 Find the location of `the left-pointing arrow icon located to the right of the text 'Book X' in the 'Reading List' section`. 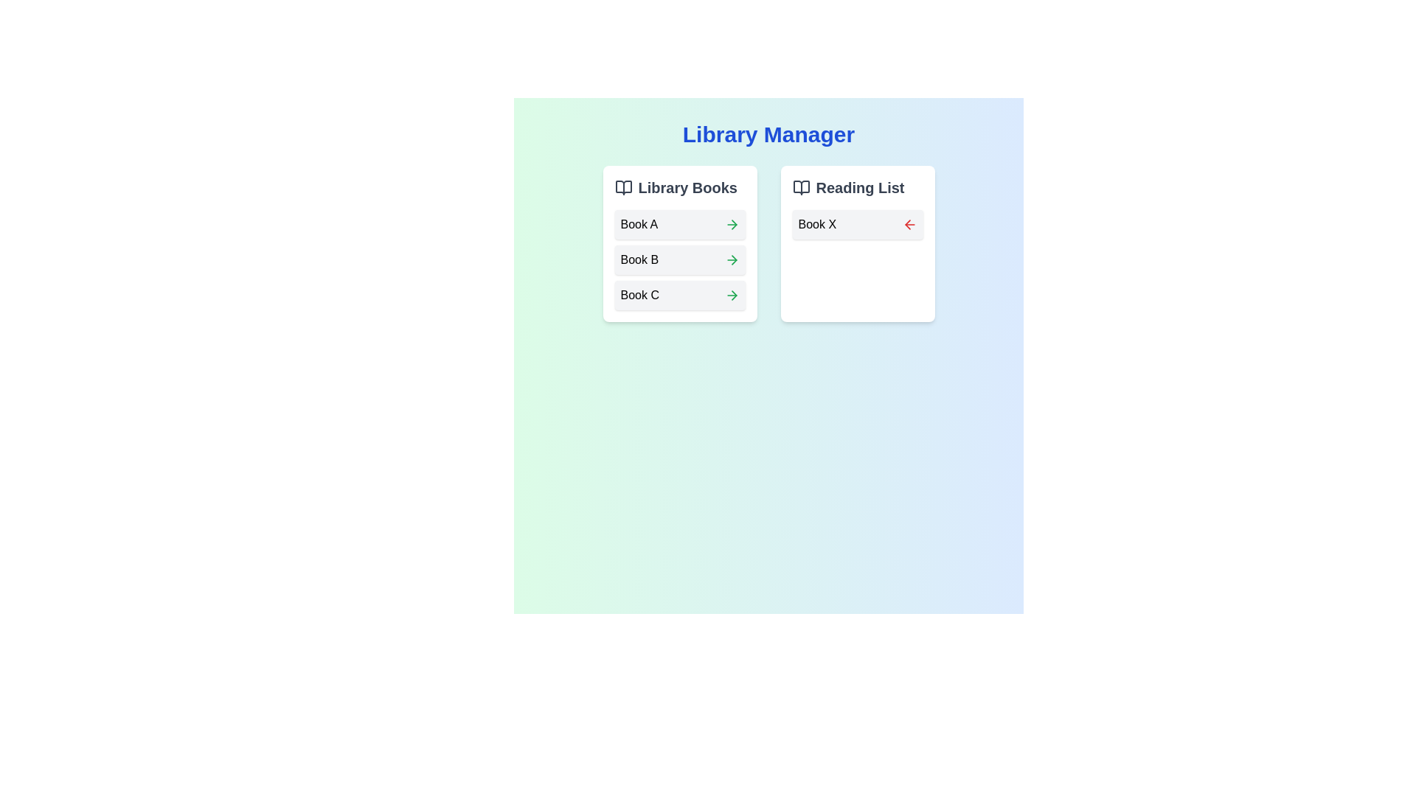

the left-pointing arrow icon located to the right of the text 'Book X' in the 'Reading List' section is located at coordinates (906, 224).